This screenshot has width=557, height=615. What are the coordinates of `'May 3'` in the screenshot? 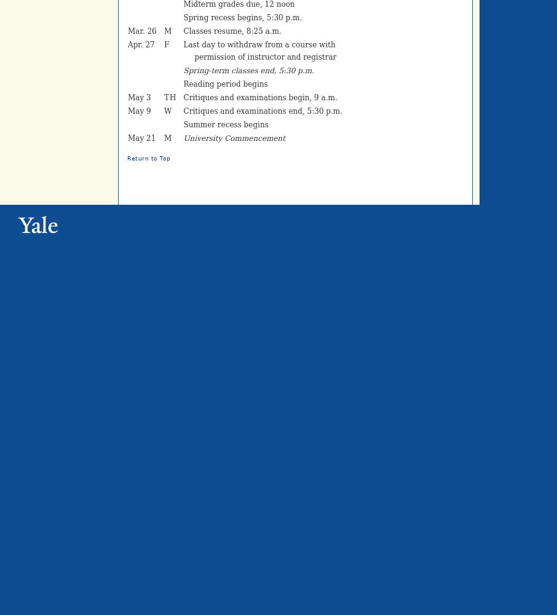 It's located at (138, 98).